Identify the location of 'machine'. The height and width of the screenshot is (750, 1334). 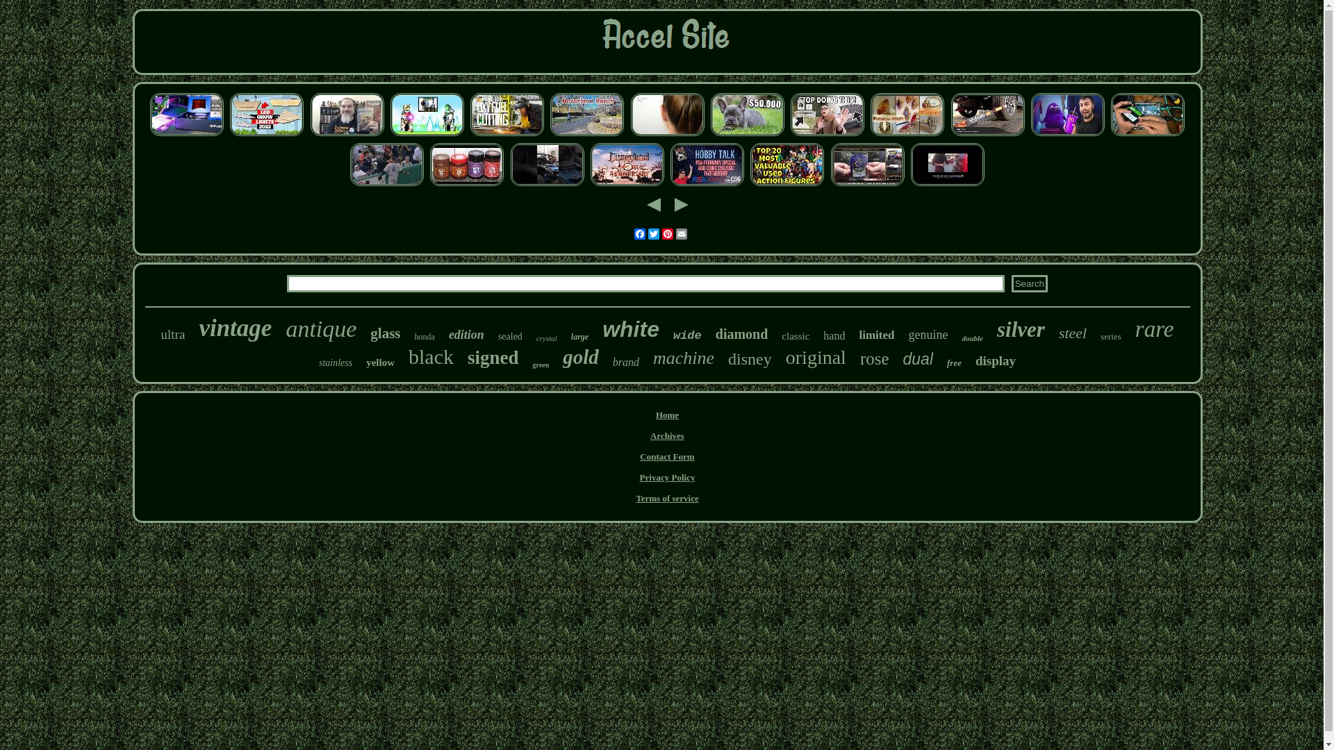
(652, 358).